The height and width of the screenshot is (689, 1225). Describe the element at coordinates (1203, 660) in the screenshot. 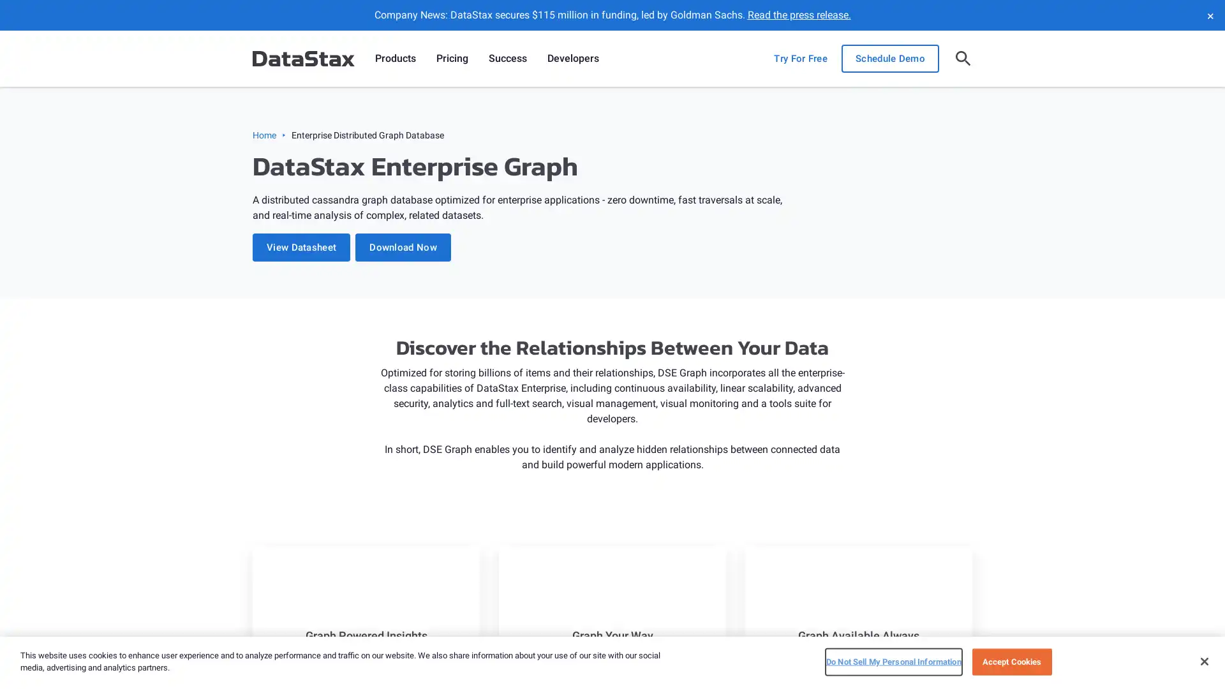

I see `Close` at that location.